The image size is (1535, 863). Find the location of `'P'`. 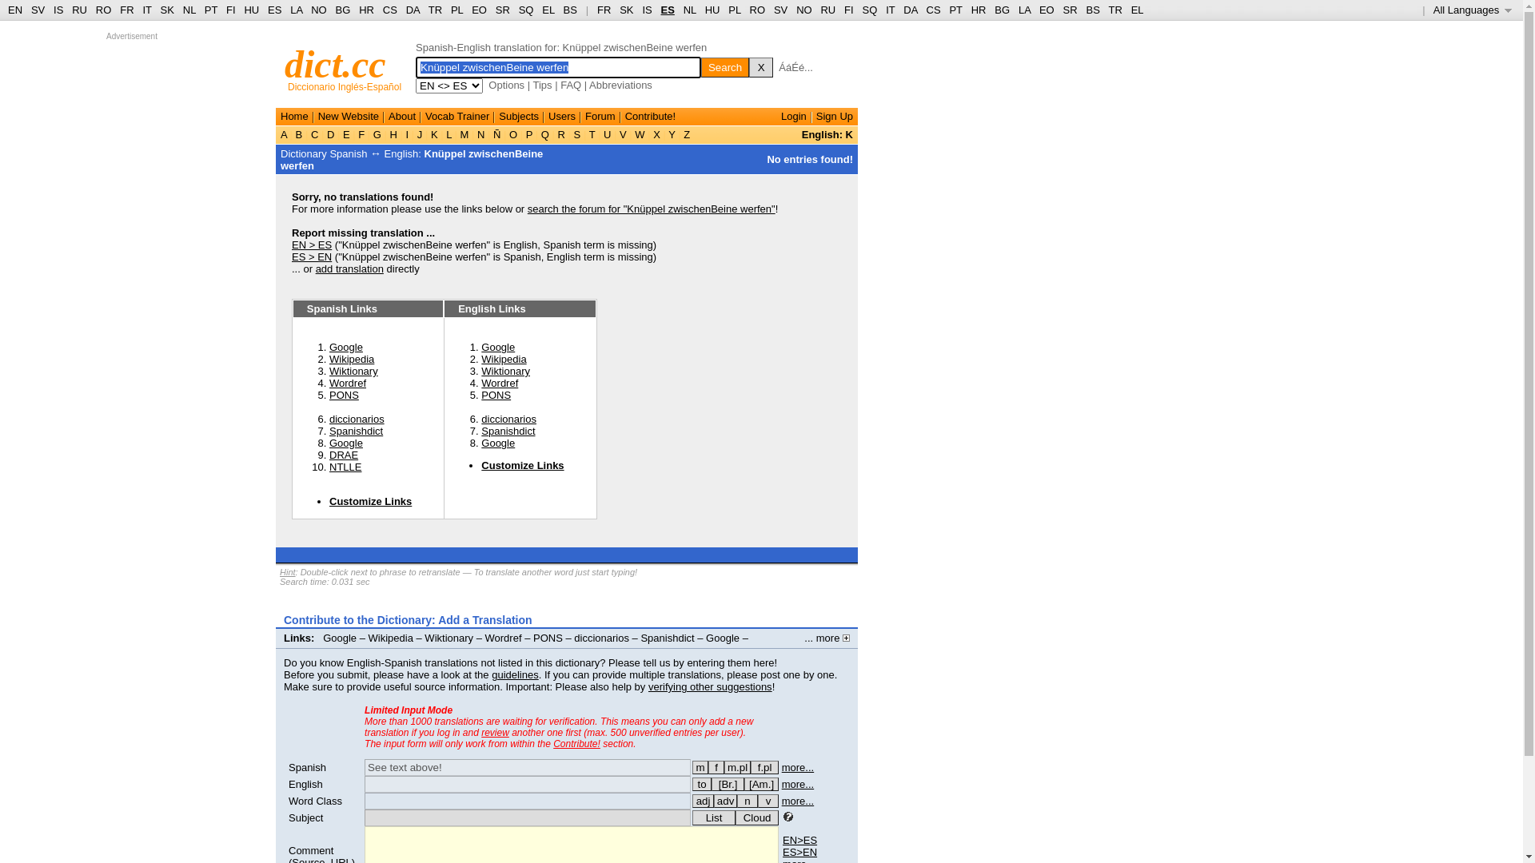

'P' is located at coordinates (522, 133).